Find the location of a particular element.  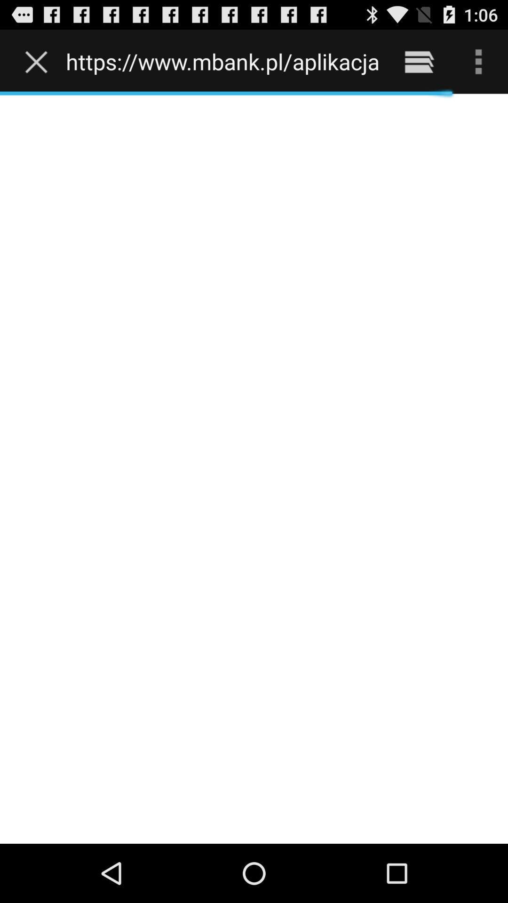

icon next to the https www mbank icon is located at coordinates (38, 61).